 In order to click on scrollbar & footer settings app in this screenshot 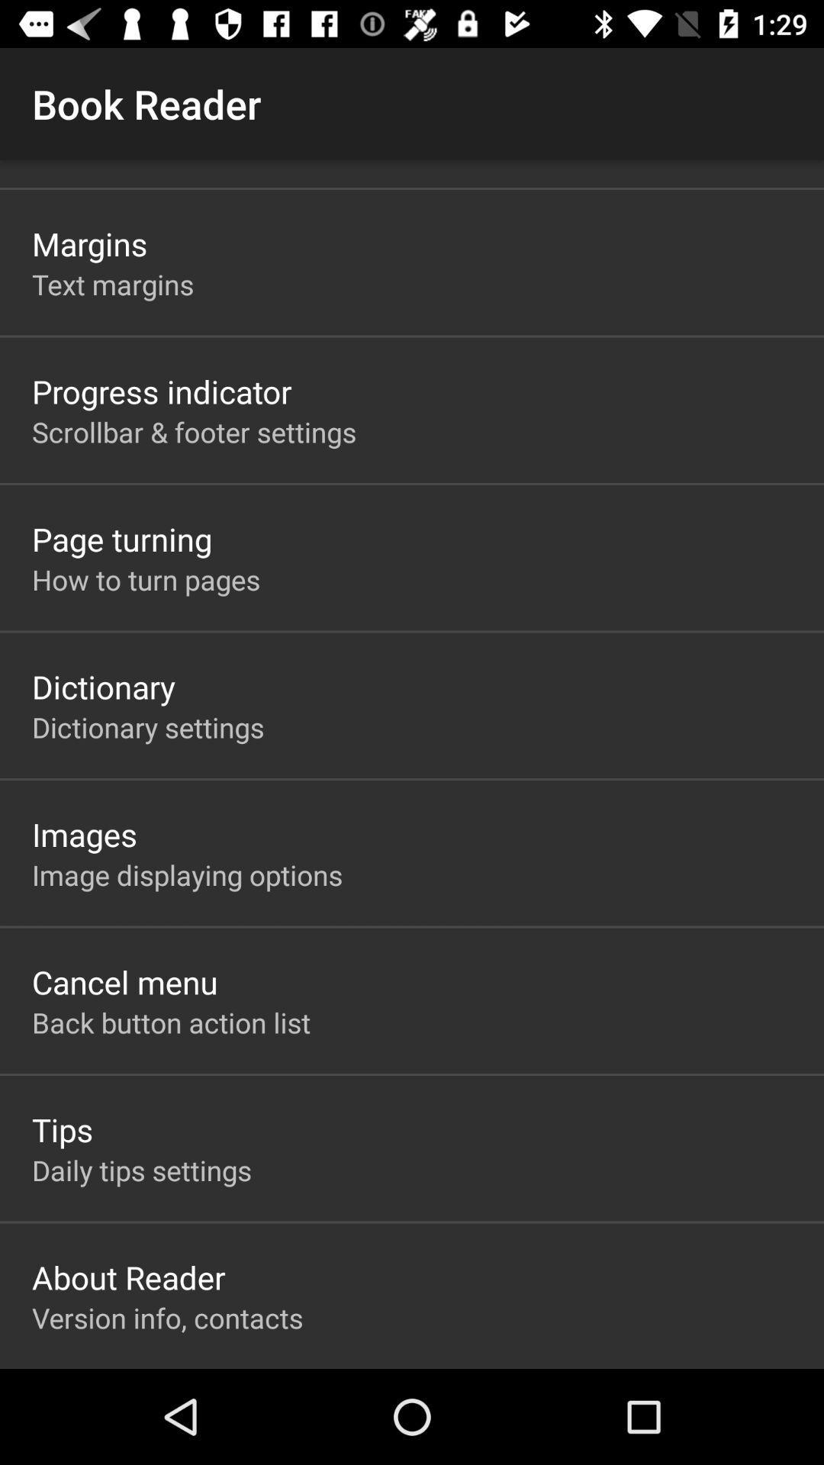, I will do `click(193, 431)`.